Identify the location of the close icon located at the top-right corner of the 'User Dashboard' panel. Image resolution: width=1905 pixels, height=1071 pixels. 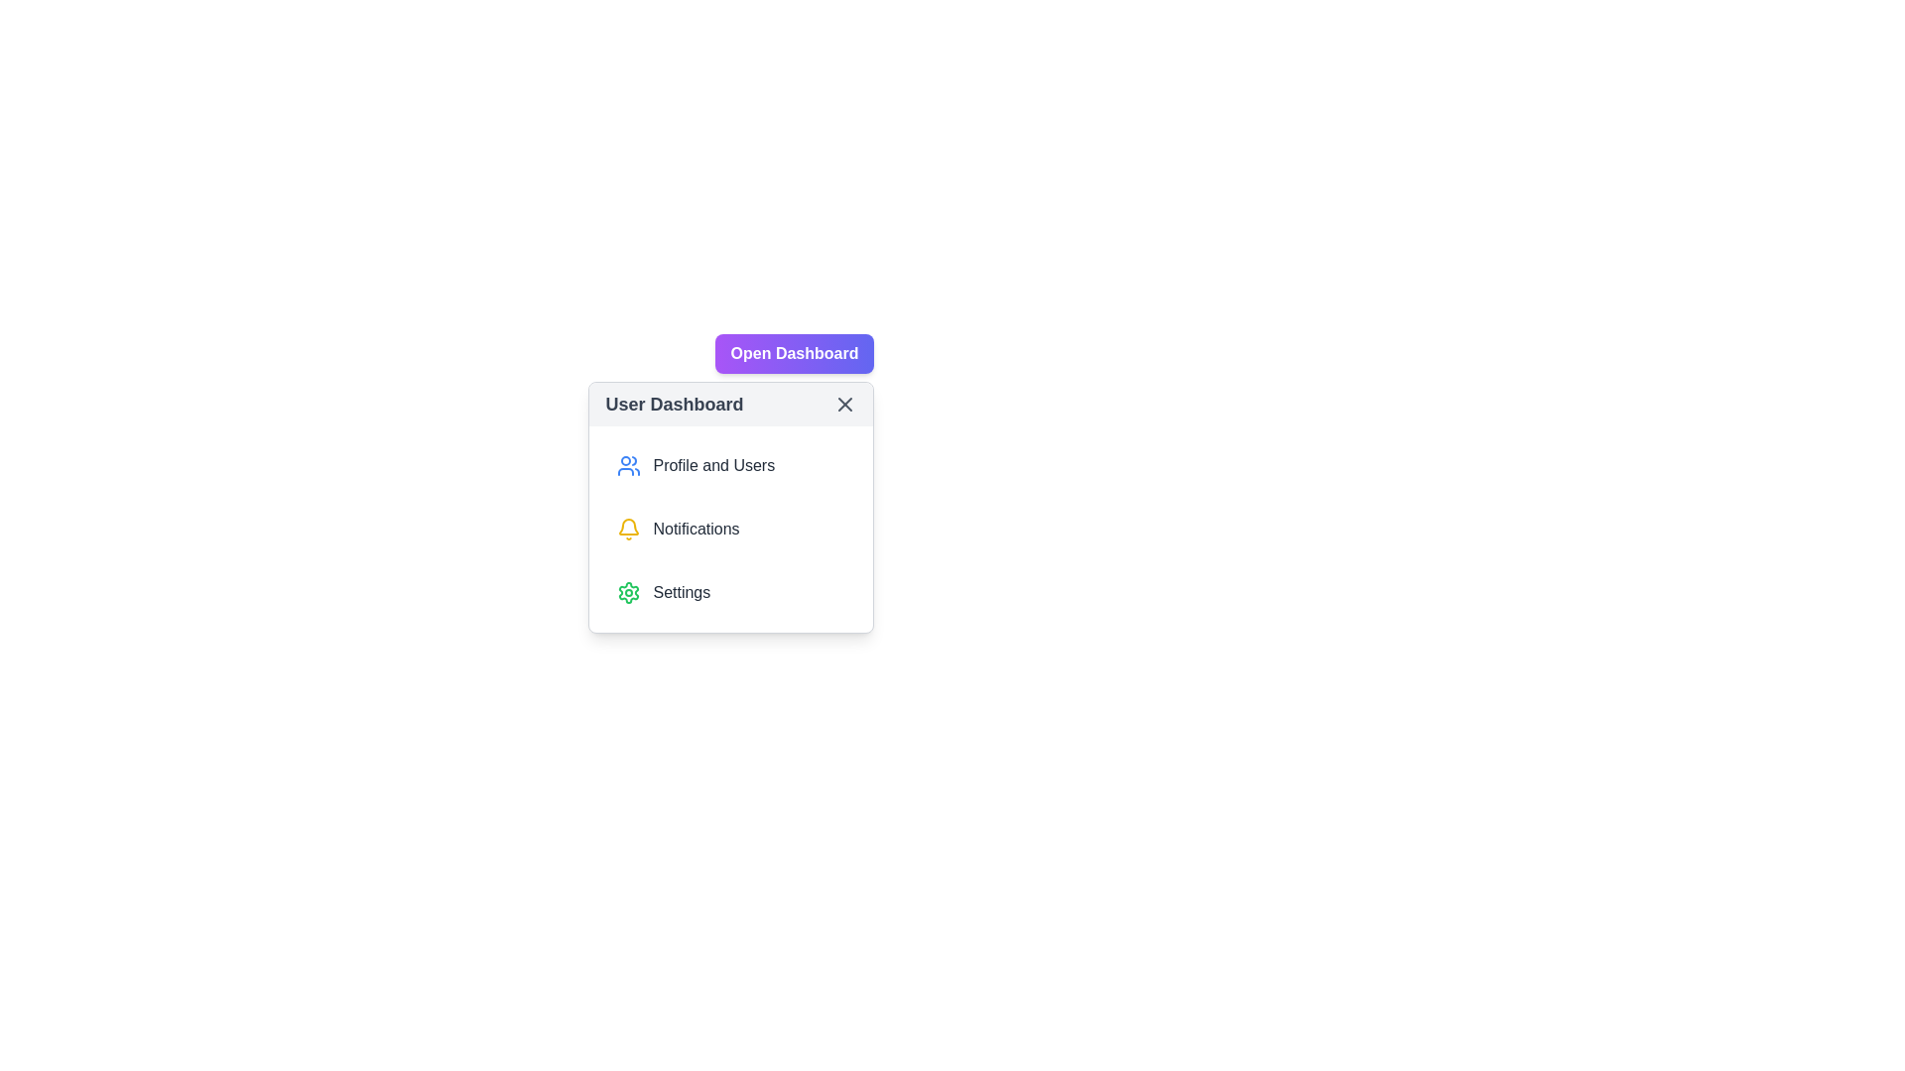
(845, 404).